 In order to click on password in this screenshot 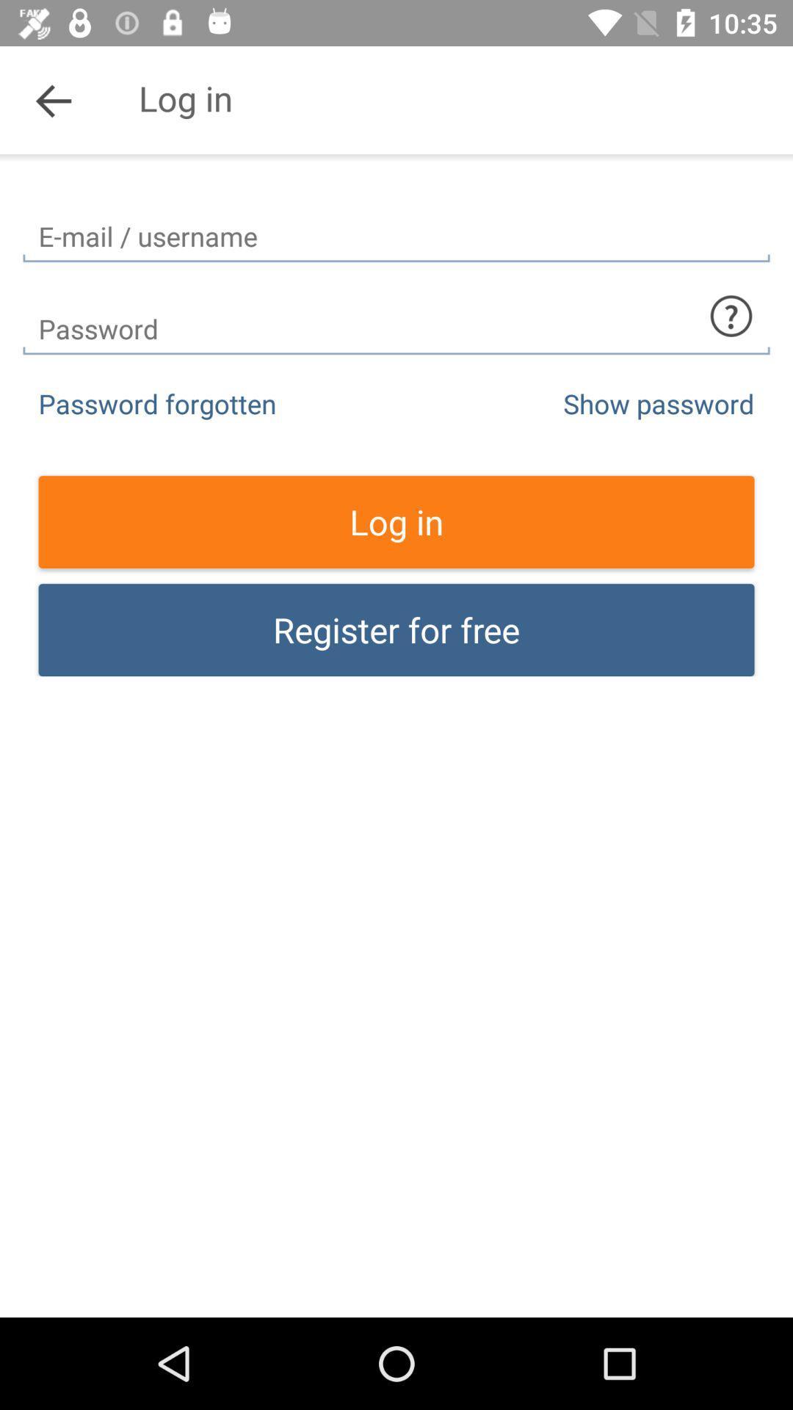, I will do `click(396, 315)`.